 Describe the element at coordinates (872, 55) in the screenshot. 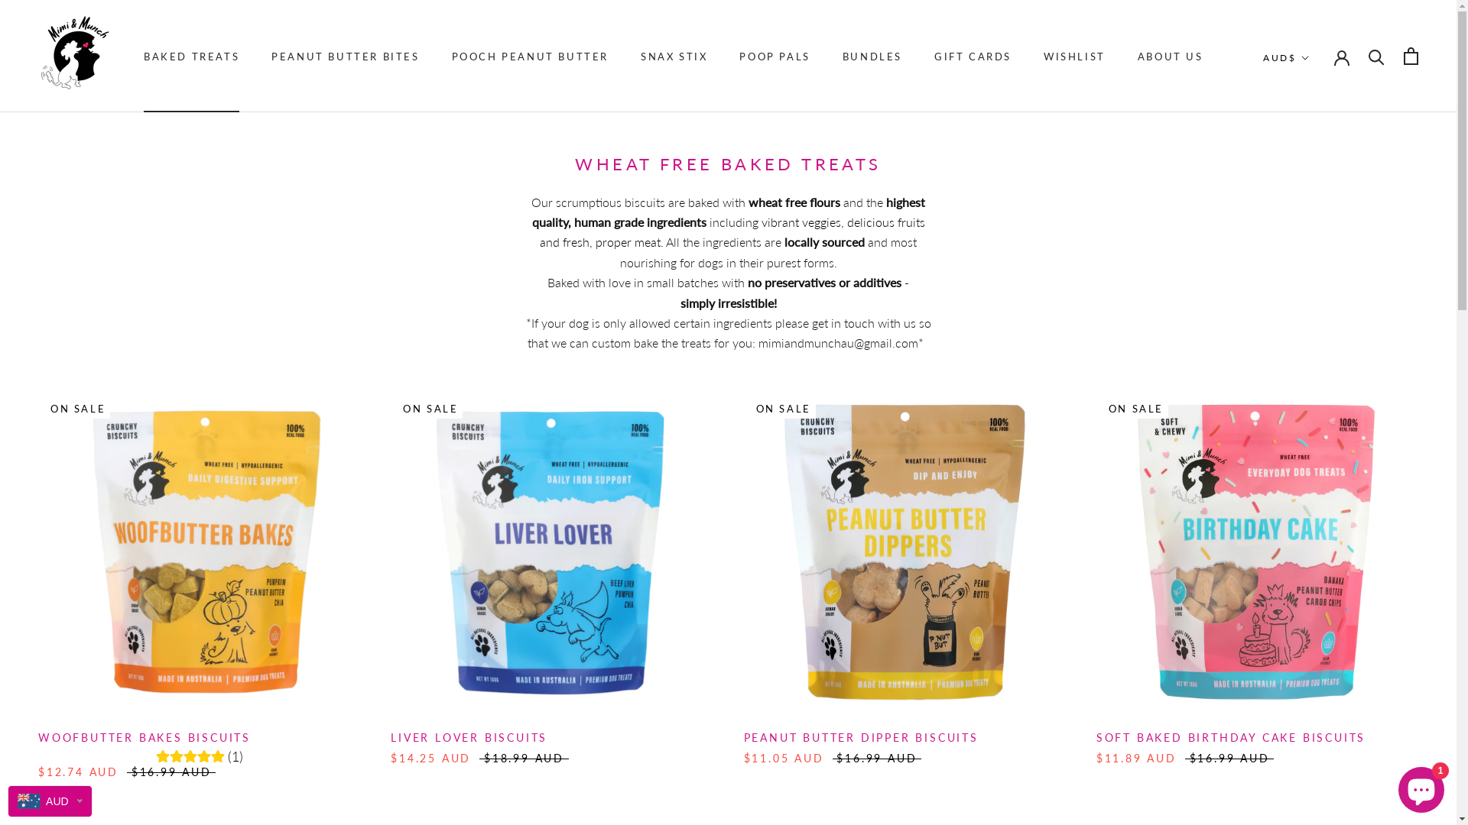

I see `'BUNDLES` at that location.